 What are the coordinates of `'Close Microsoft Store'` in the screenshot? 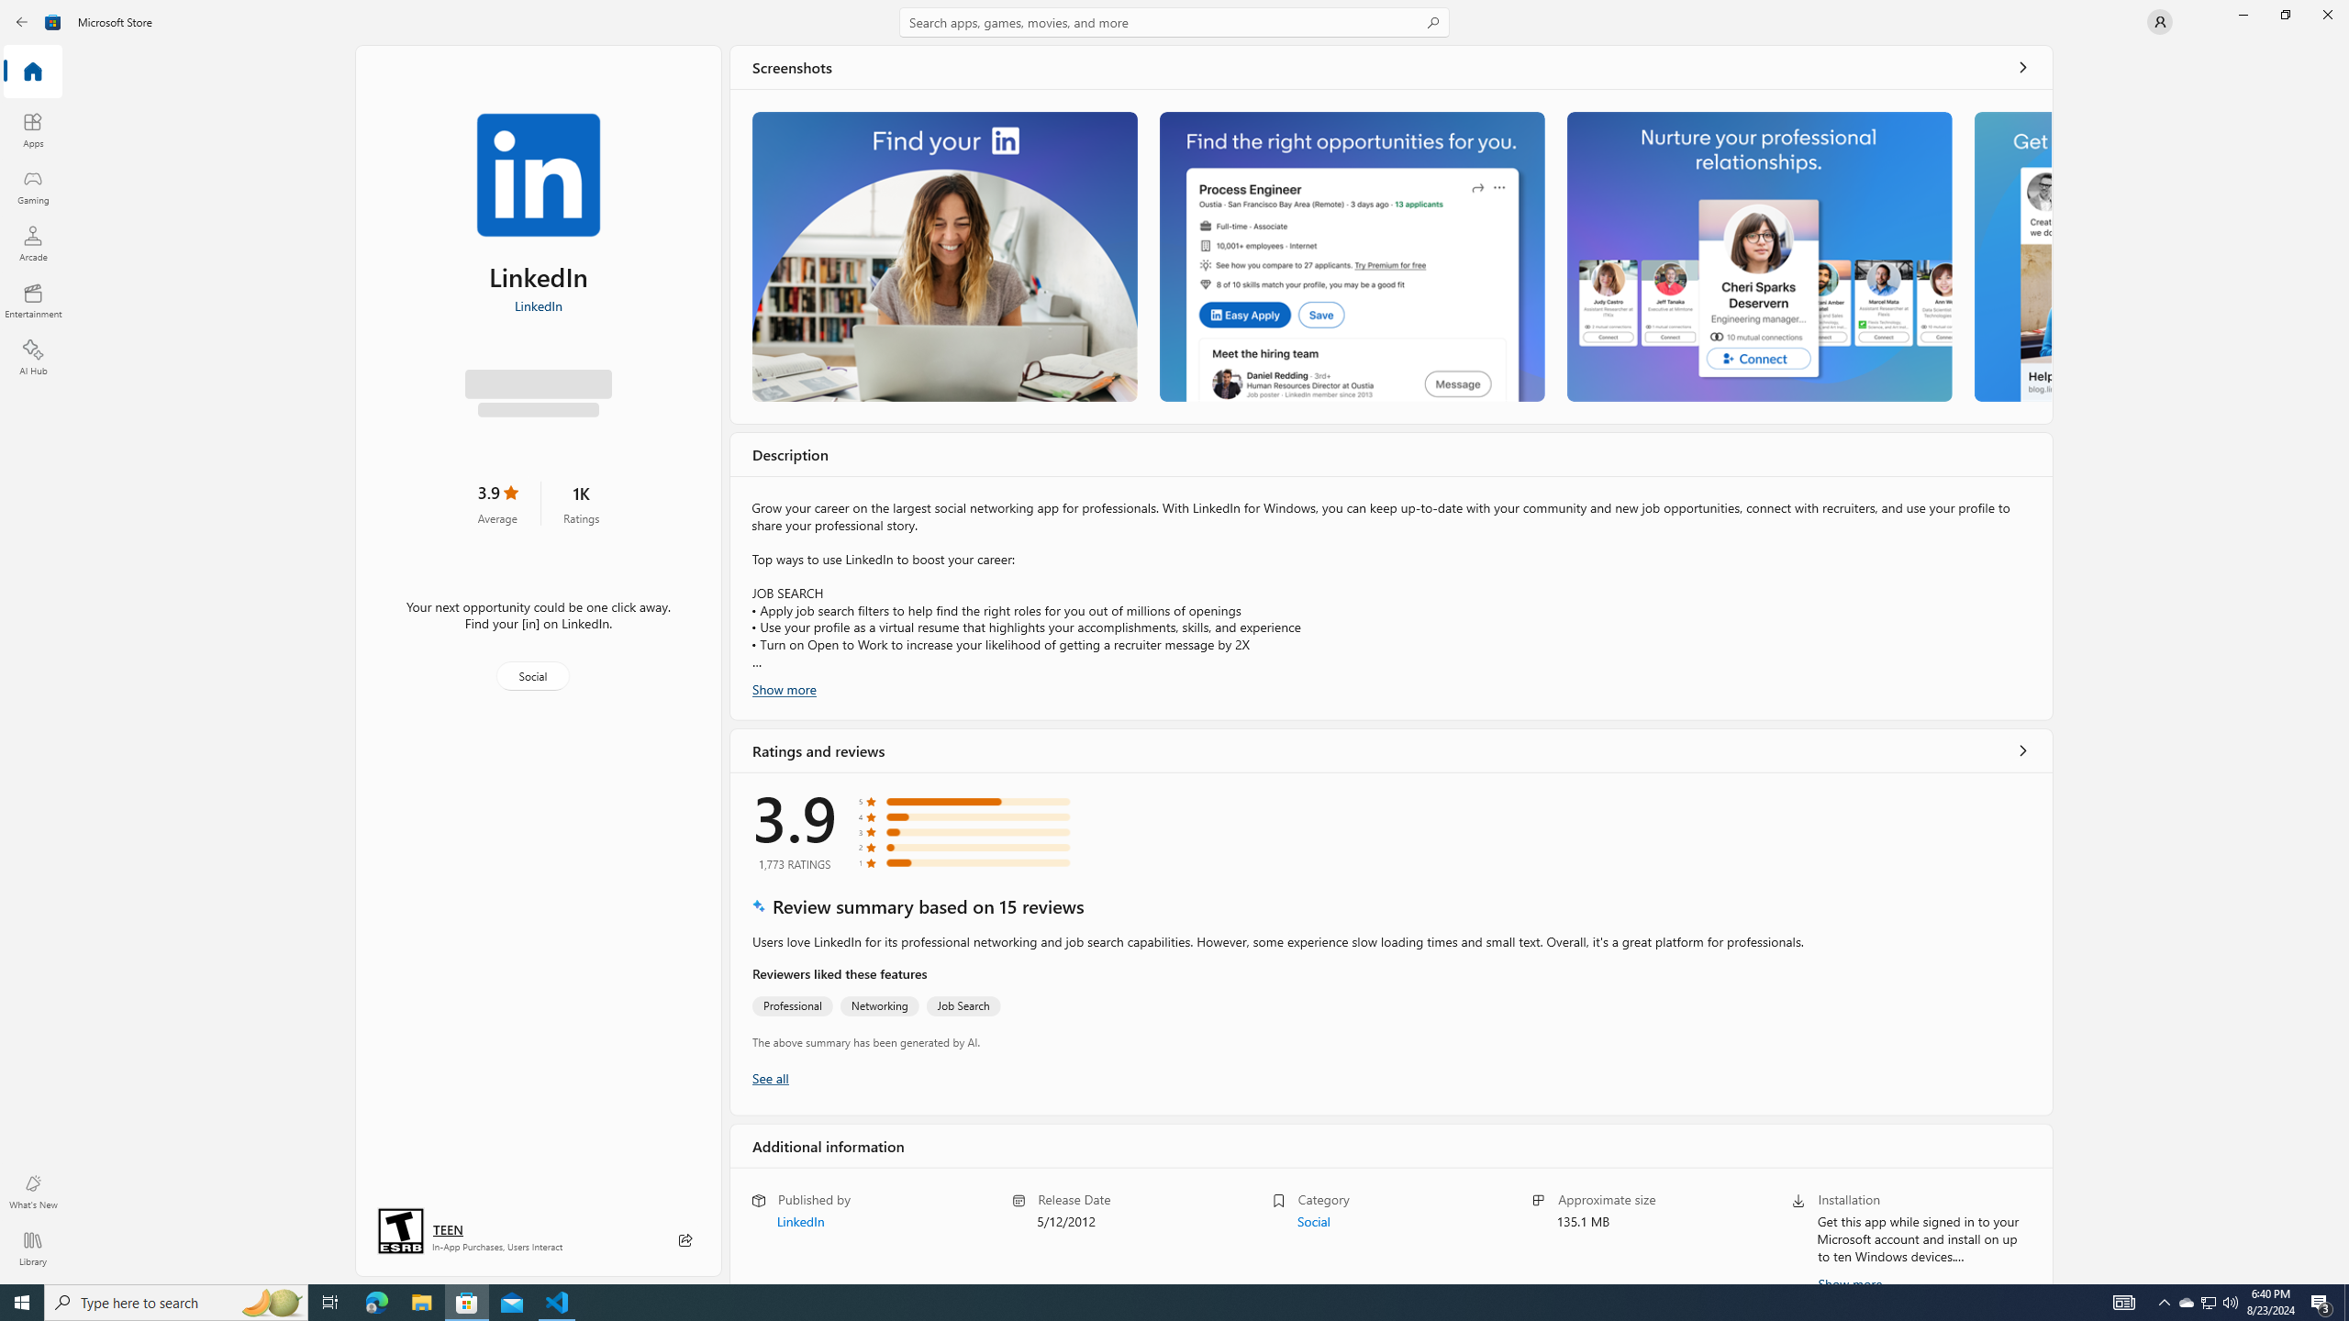 It's located at (2326, 14).